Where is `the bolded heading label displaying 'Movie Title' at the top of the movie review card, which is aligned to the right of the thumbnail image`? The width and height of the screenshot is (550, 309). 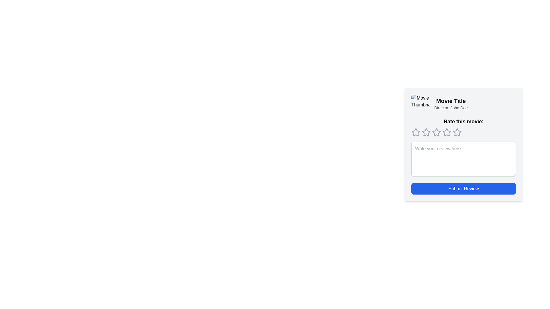 the bolded heading label displaying 'Movie Title' at the top of the movie review card, which is aligned to the right of the thumbnail image is located at coordinates (451, 101).